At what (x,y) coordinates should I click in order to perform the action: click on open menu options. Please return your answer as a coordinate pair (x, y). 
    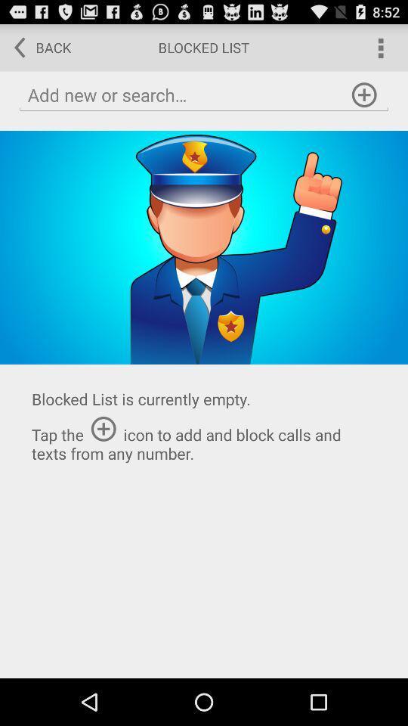
    Looking at the image, I should click on (379, 47).